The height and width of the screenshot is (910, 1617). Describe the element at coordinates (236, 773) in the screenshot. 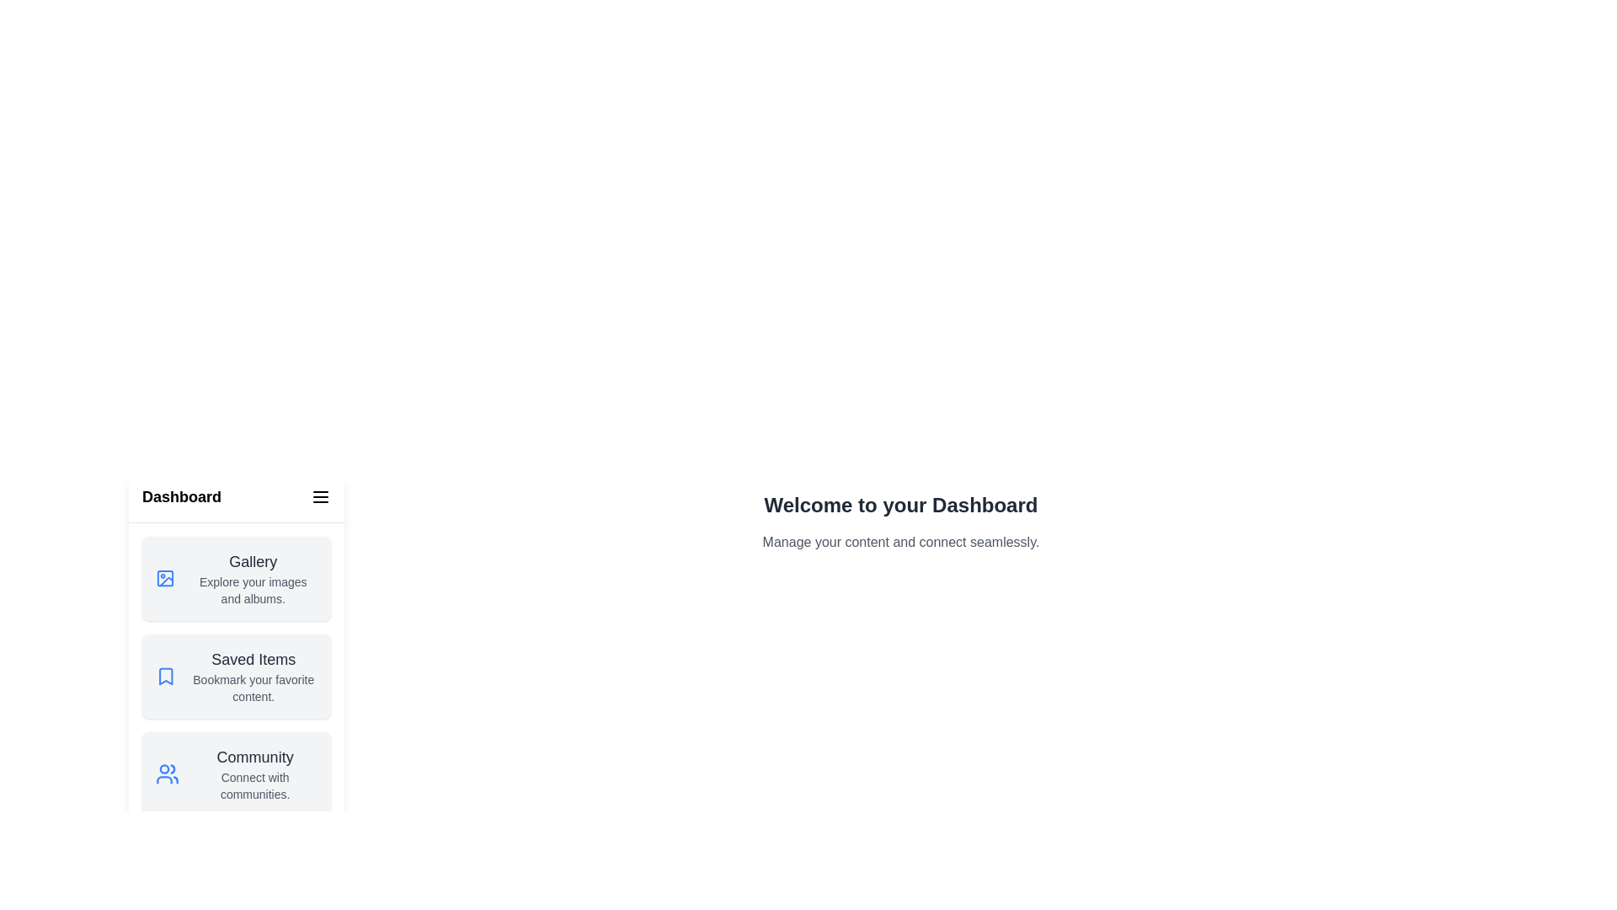

I see `the section Community to observe its hover effect` at that location.